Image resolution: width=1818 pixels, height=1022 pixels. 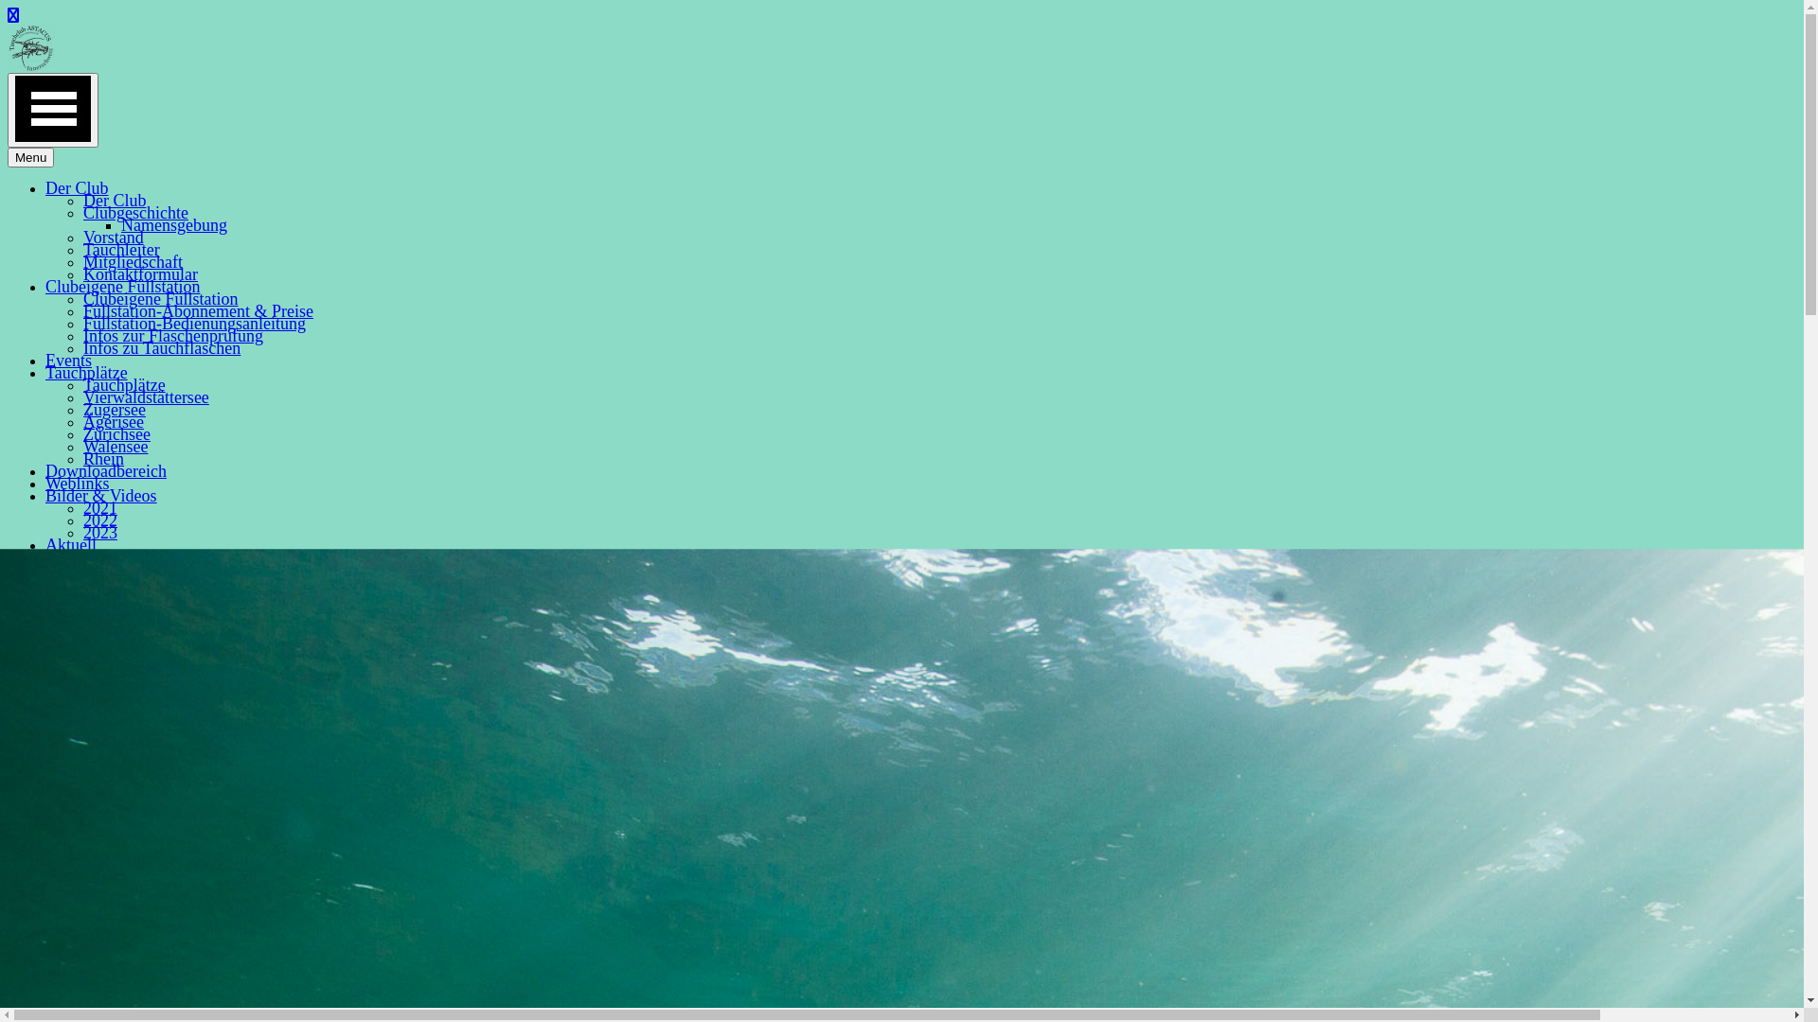 What do you see at coordinates (113, 408) in the screenshot?
I see `'Zugersee'` at bounding box center [113, 408].